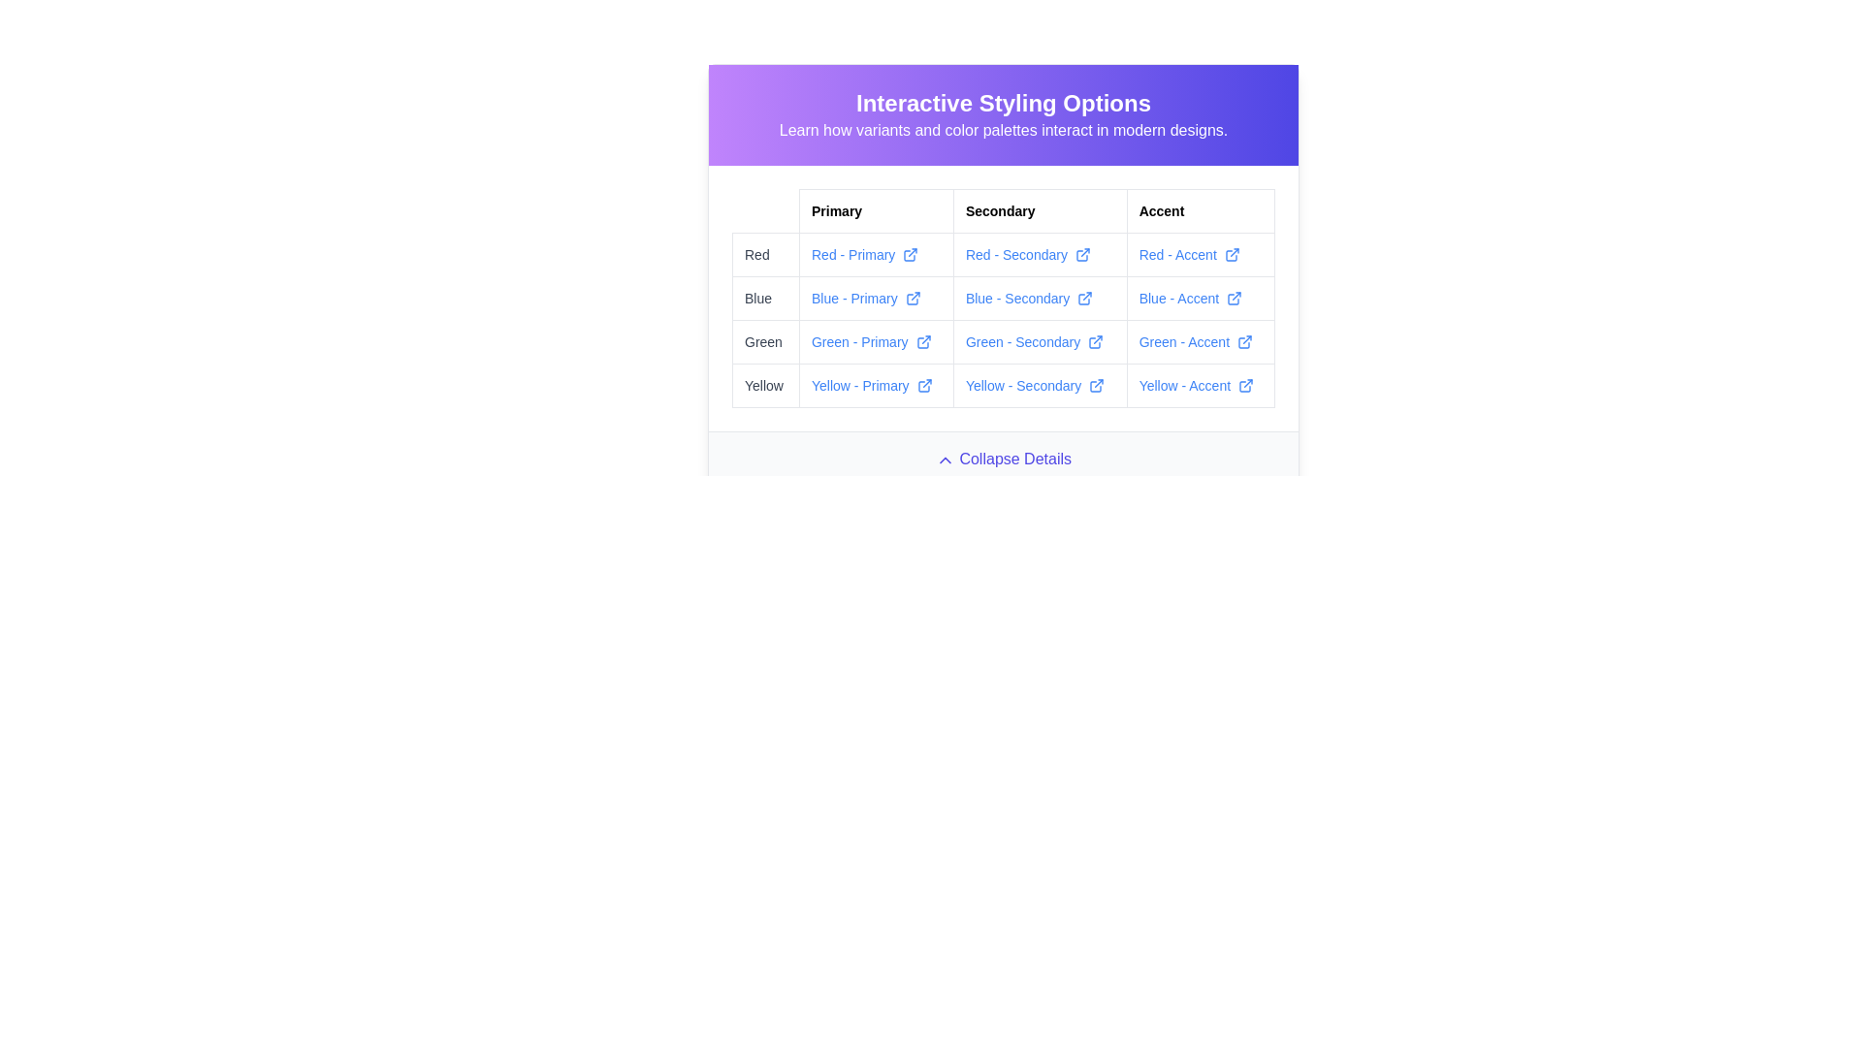  I want to click on the external link icon next to the blue hyperlink styled text 'Blue - Secondary' in the second row, second column under the 'Interactive Styling Options' section, so click(1004, 299).